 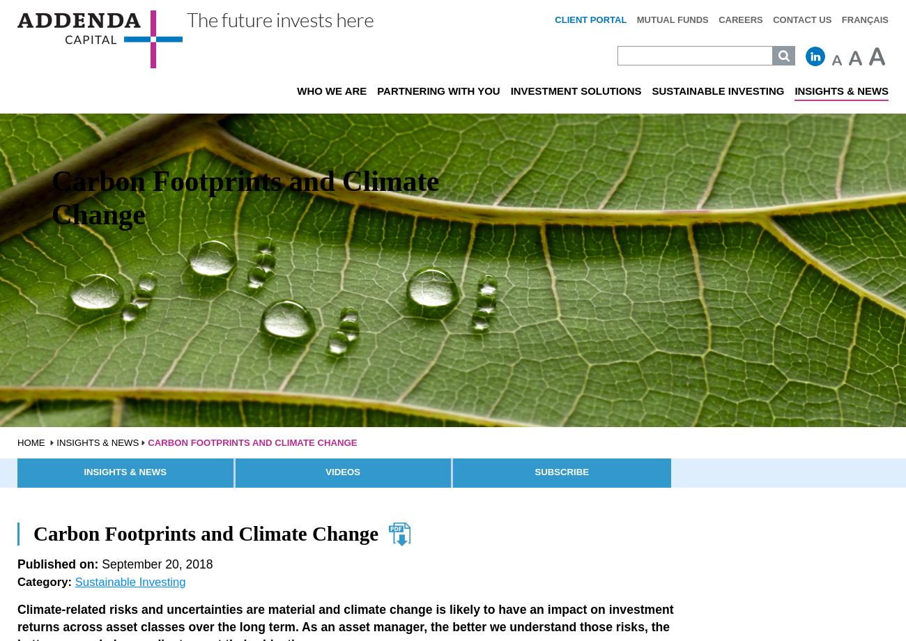 I want to click on 'Category:', so click(x=44, y=581).